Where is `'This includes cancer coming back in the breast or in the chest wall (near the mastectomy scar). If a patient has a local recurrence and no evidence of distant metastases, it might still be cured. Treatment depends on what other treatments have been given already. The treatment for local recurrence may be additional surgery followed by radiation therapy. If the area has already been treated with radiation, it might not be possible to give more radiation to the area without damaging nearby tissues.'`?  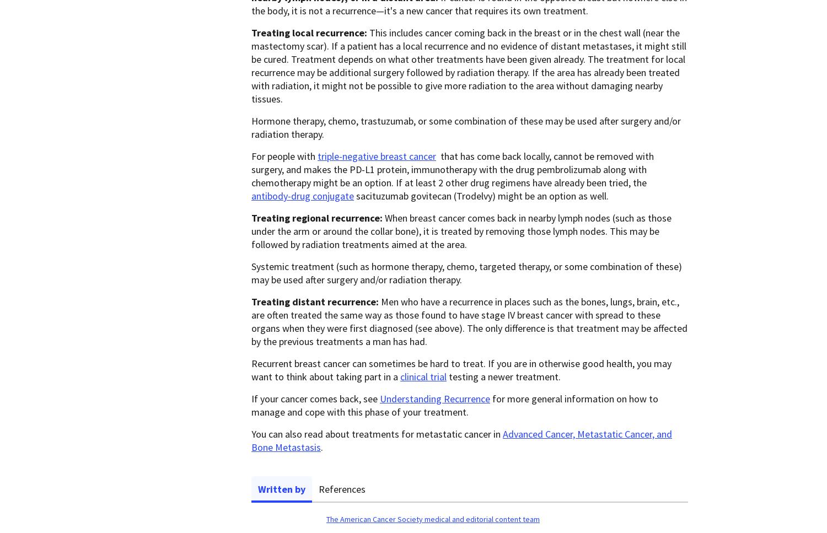 'This includes cancer coming back in the breast or in the chest wall (near the mastectomy scar). If a patient has a local recurrence and no evidence of distant metastases, it might still be cured. Treatment depends on what other treatments have been given already. The treatment for local recurrence may be additional surgery followed by radiation therapy. If the area has already been treated with radiation, it might not be possible to give more radiation to the area without damaging nearby tissues.' is located at coordinates (468, 65).